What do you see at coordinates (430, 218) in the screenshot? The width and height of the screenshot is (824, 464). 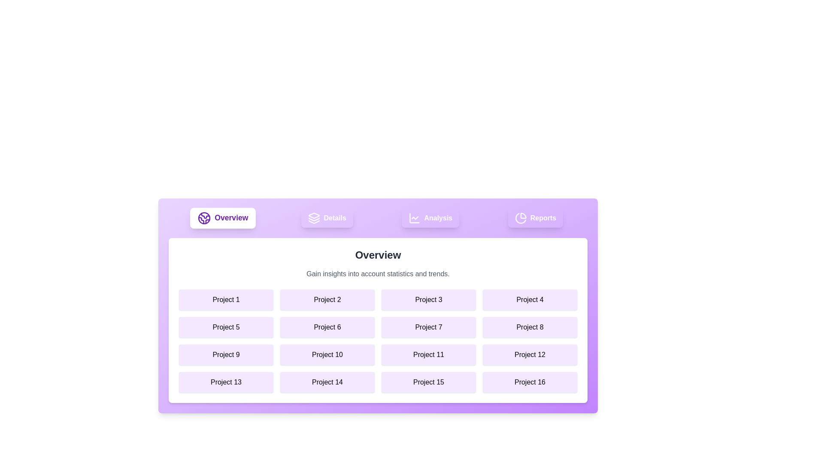 I see `the Analysis tab by clicking on its button` at bounding box center [430, 218].